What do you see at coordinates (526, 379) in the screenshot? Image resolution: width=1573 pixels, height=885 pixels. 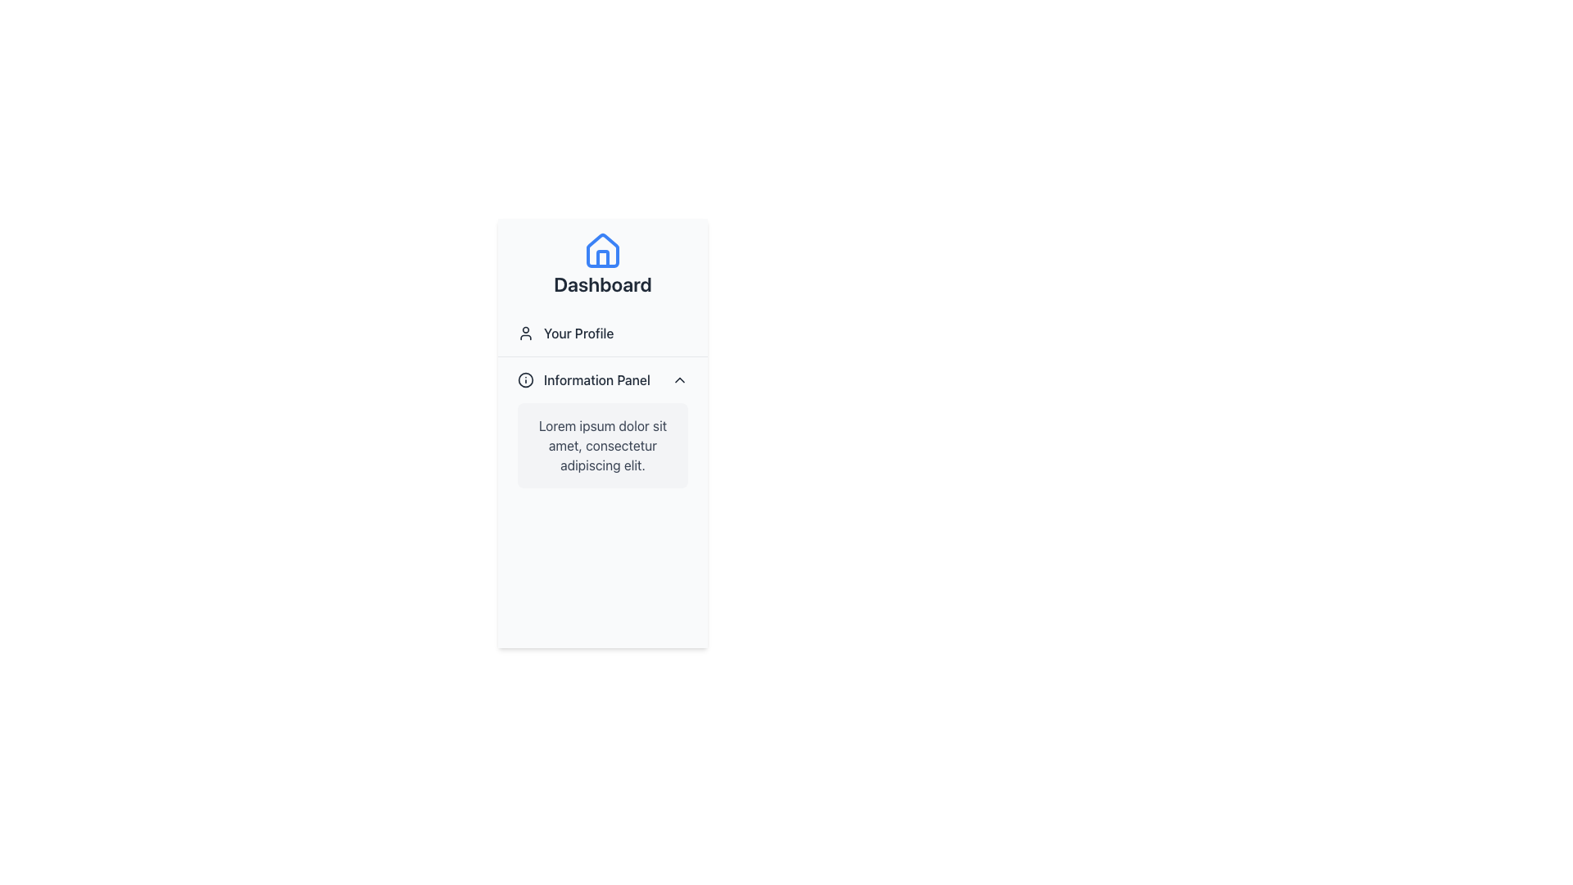 I see `the circular information icon with an 'i' symbol that is located to the left of the 'Information Panel' text in the navigation menu under the dashboard header` at bounding box center [526, 379].